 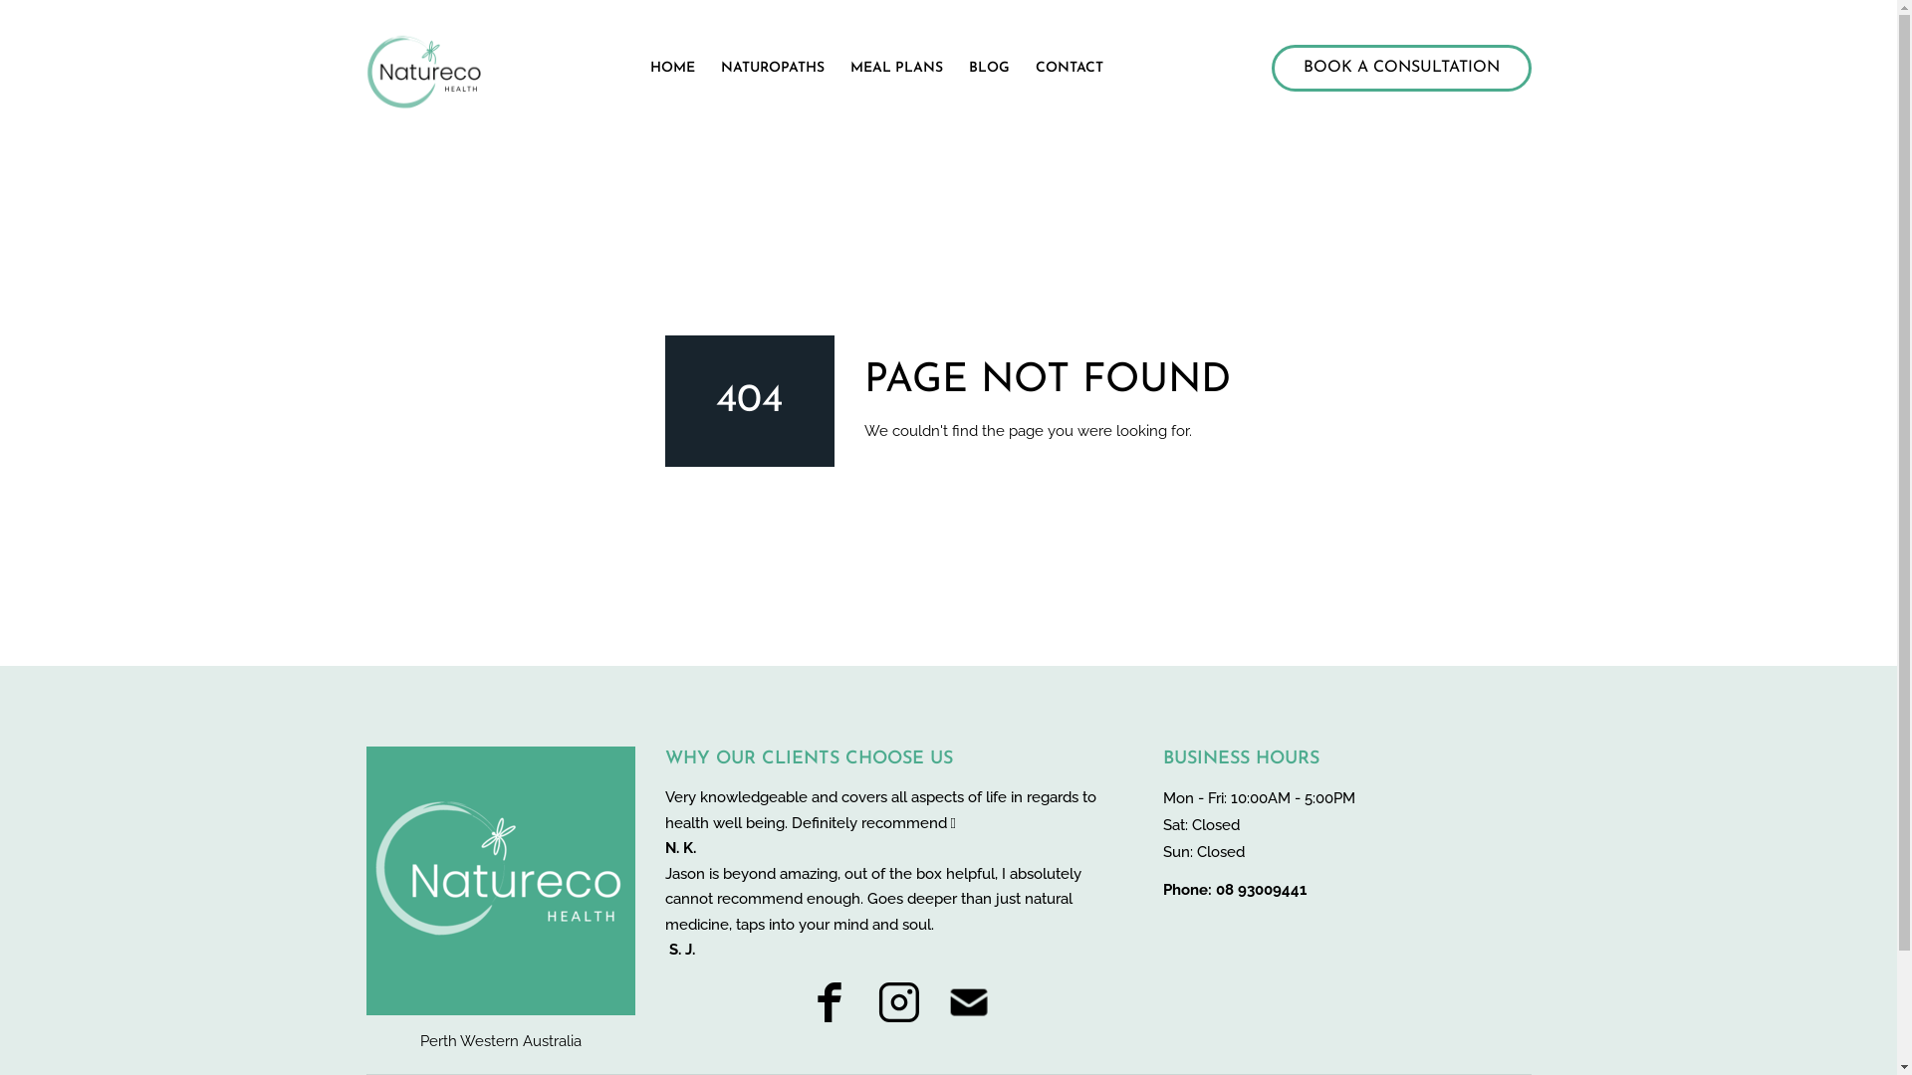 What do you see at coordinates (1233, 889) in the screenshot?
I see `'Phone: 08 93009441'` at bounding box center [1233, 889].